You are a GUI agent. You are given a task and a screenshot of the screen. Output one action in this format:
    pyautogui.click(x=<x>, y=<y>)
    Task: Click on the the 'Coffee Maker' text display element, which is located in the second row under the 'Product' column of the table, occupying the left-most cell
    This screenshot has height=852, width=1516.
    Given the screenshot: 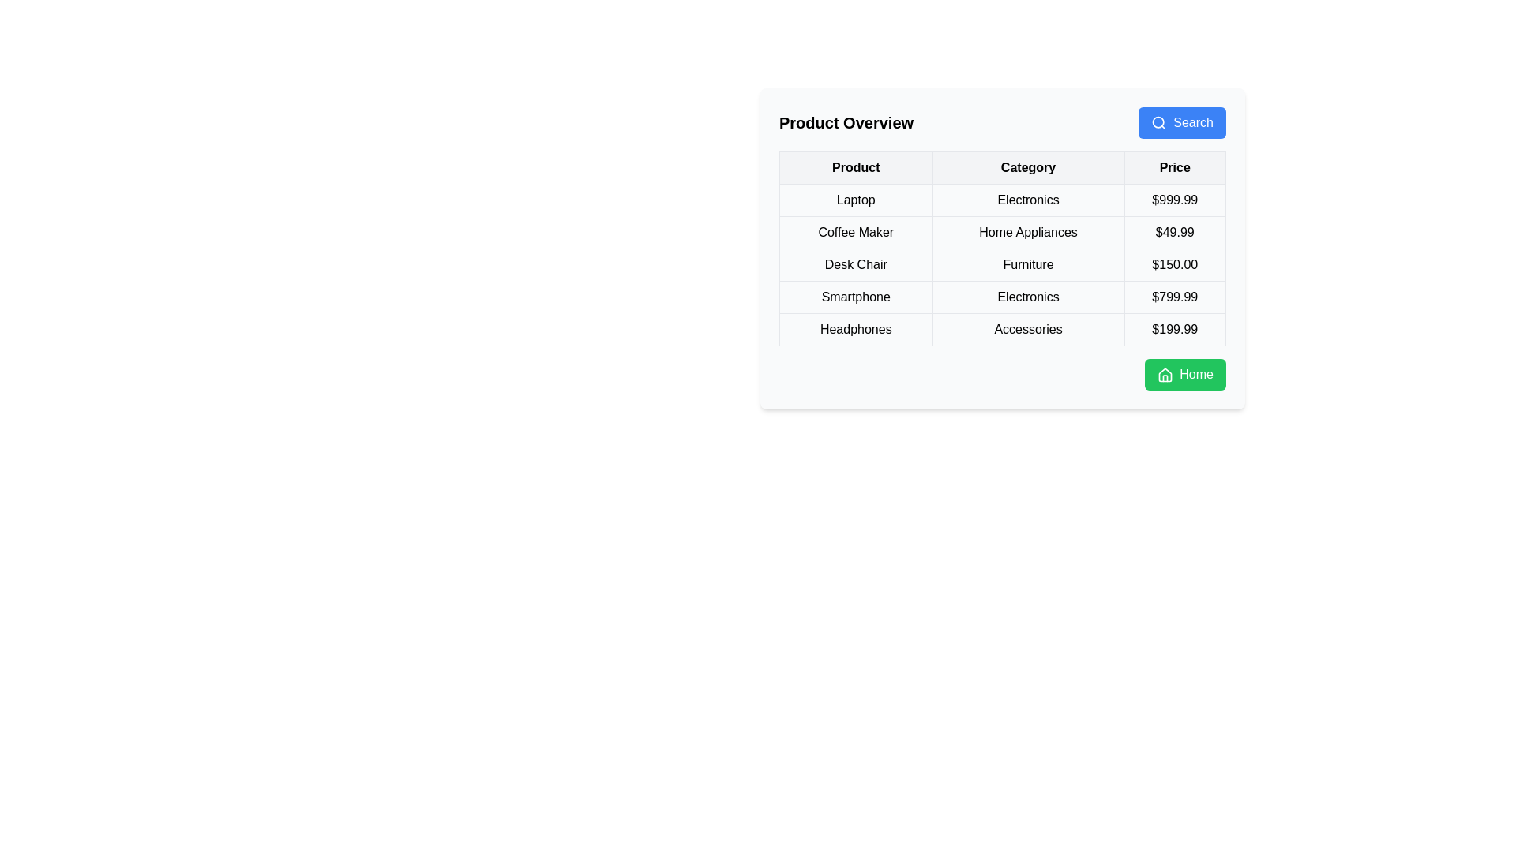 What is the action you would take?
    pyautogui.click(x=855, y=232)
    